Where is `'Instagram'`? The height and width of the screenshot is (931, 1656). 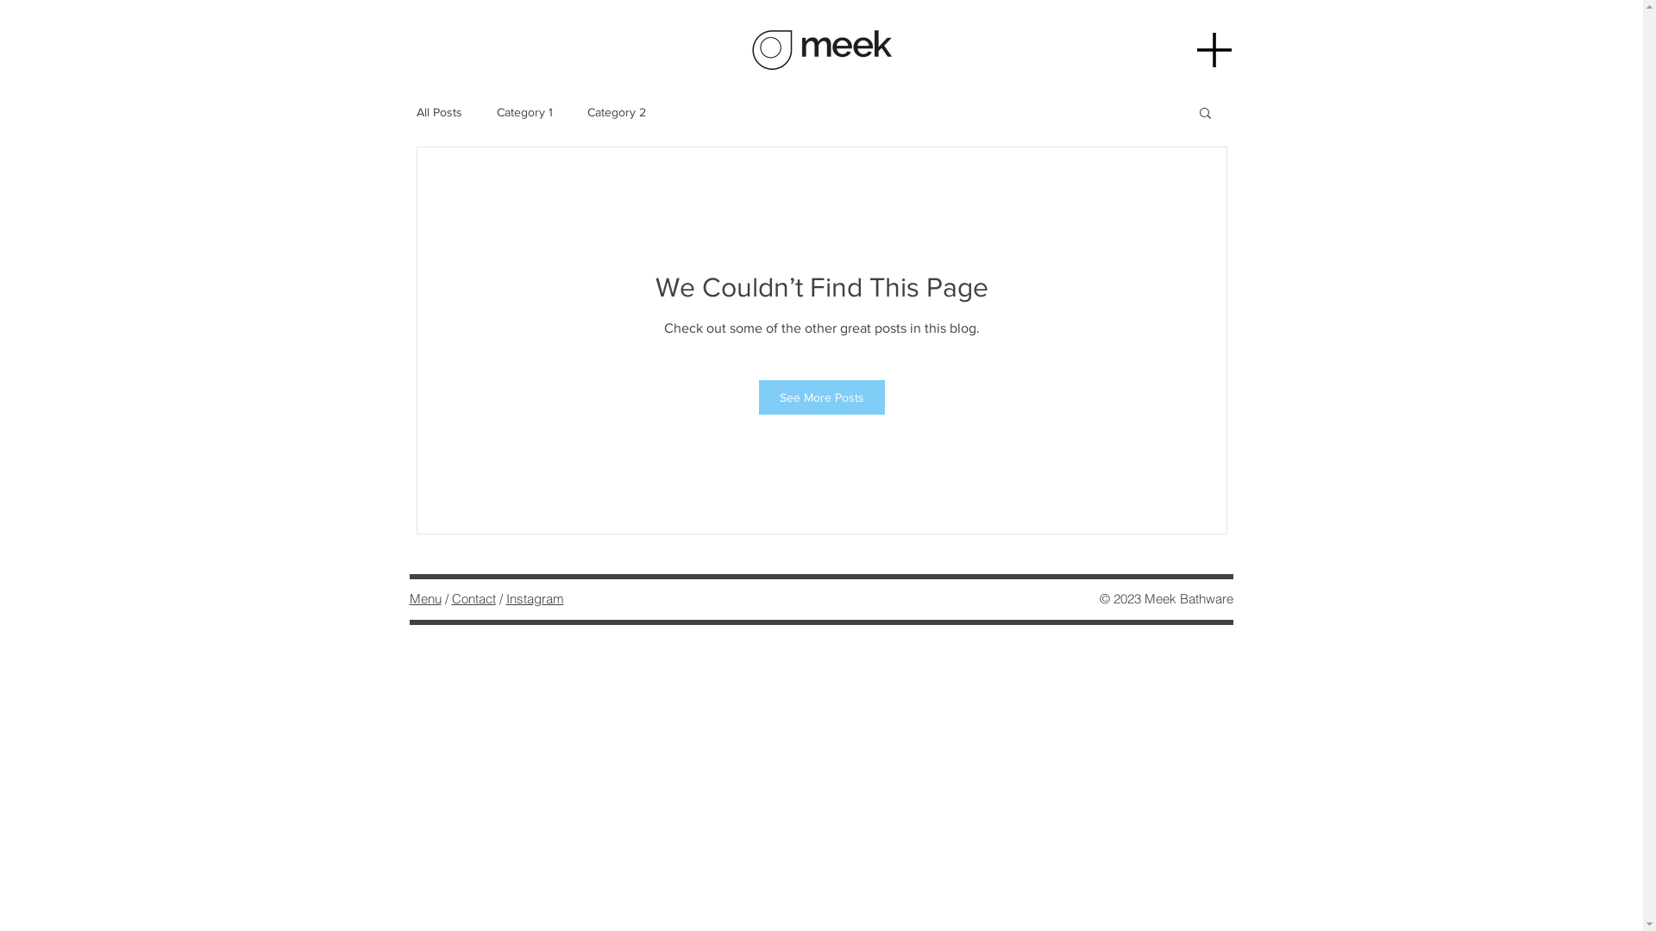 'Instagram' is located at coordinates (533, 597).